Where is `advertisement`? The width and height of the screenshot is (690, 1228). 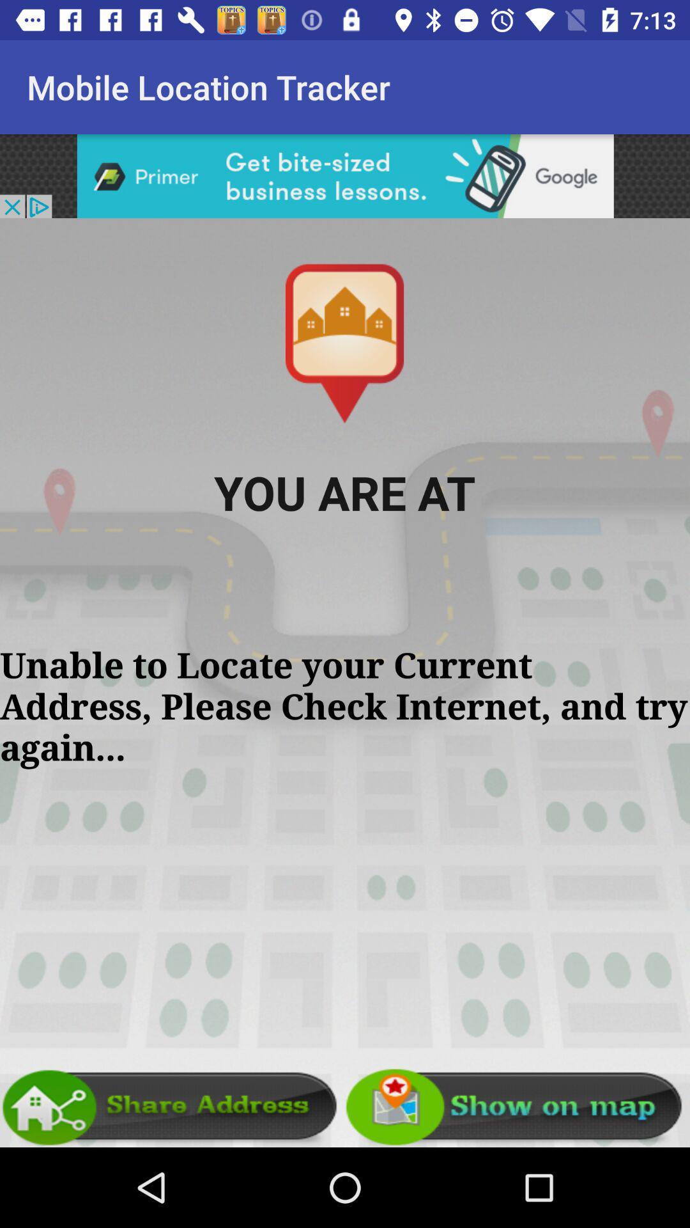
advertisement is located at coordinates (345, 175).